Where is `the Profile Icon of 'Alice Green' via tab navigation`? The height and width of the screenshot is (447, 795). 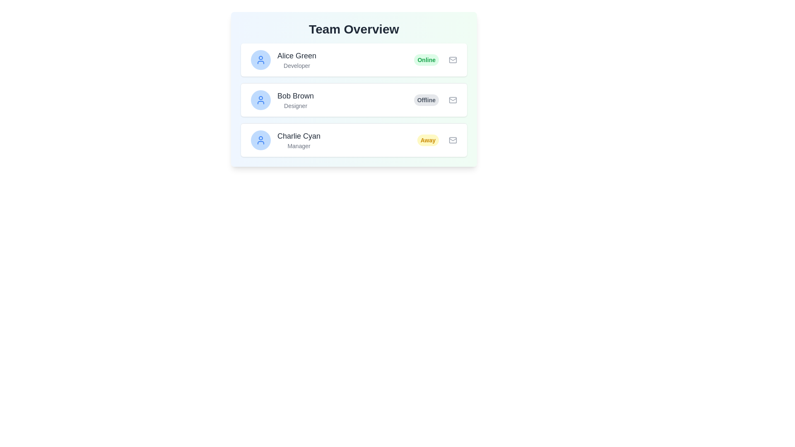 the Profile Icon of 'Alice Green' via tab navigation is located at coordinates (260, 60).